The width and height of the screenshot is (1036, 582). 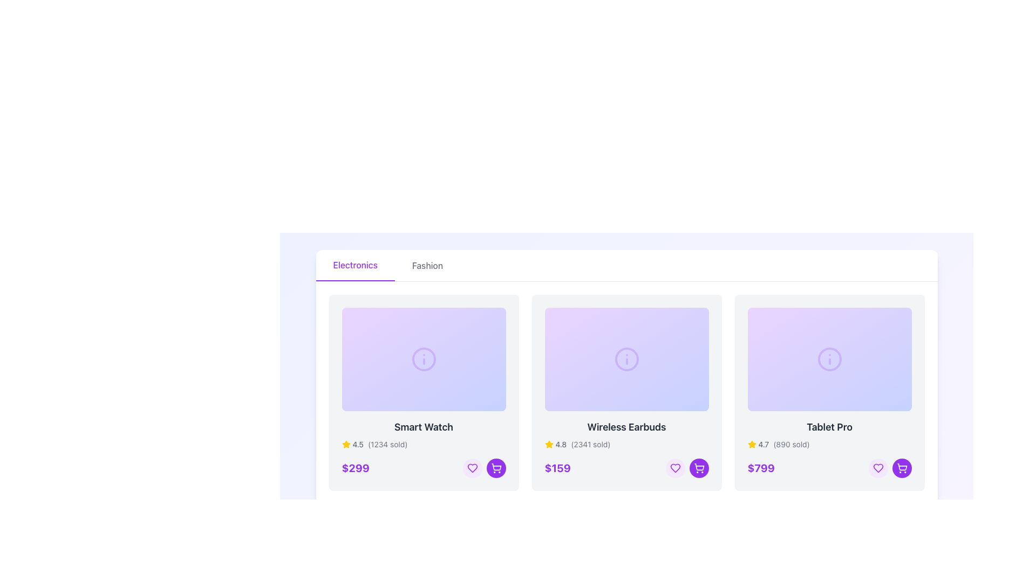 What do you see at coordinates (387, 445) in the screenshot?
I see `the text label displaying '(1234 sold)' which is part of the product information section in the first product card, located next to the rating value (4.5)` at bounding box center [387, 445].